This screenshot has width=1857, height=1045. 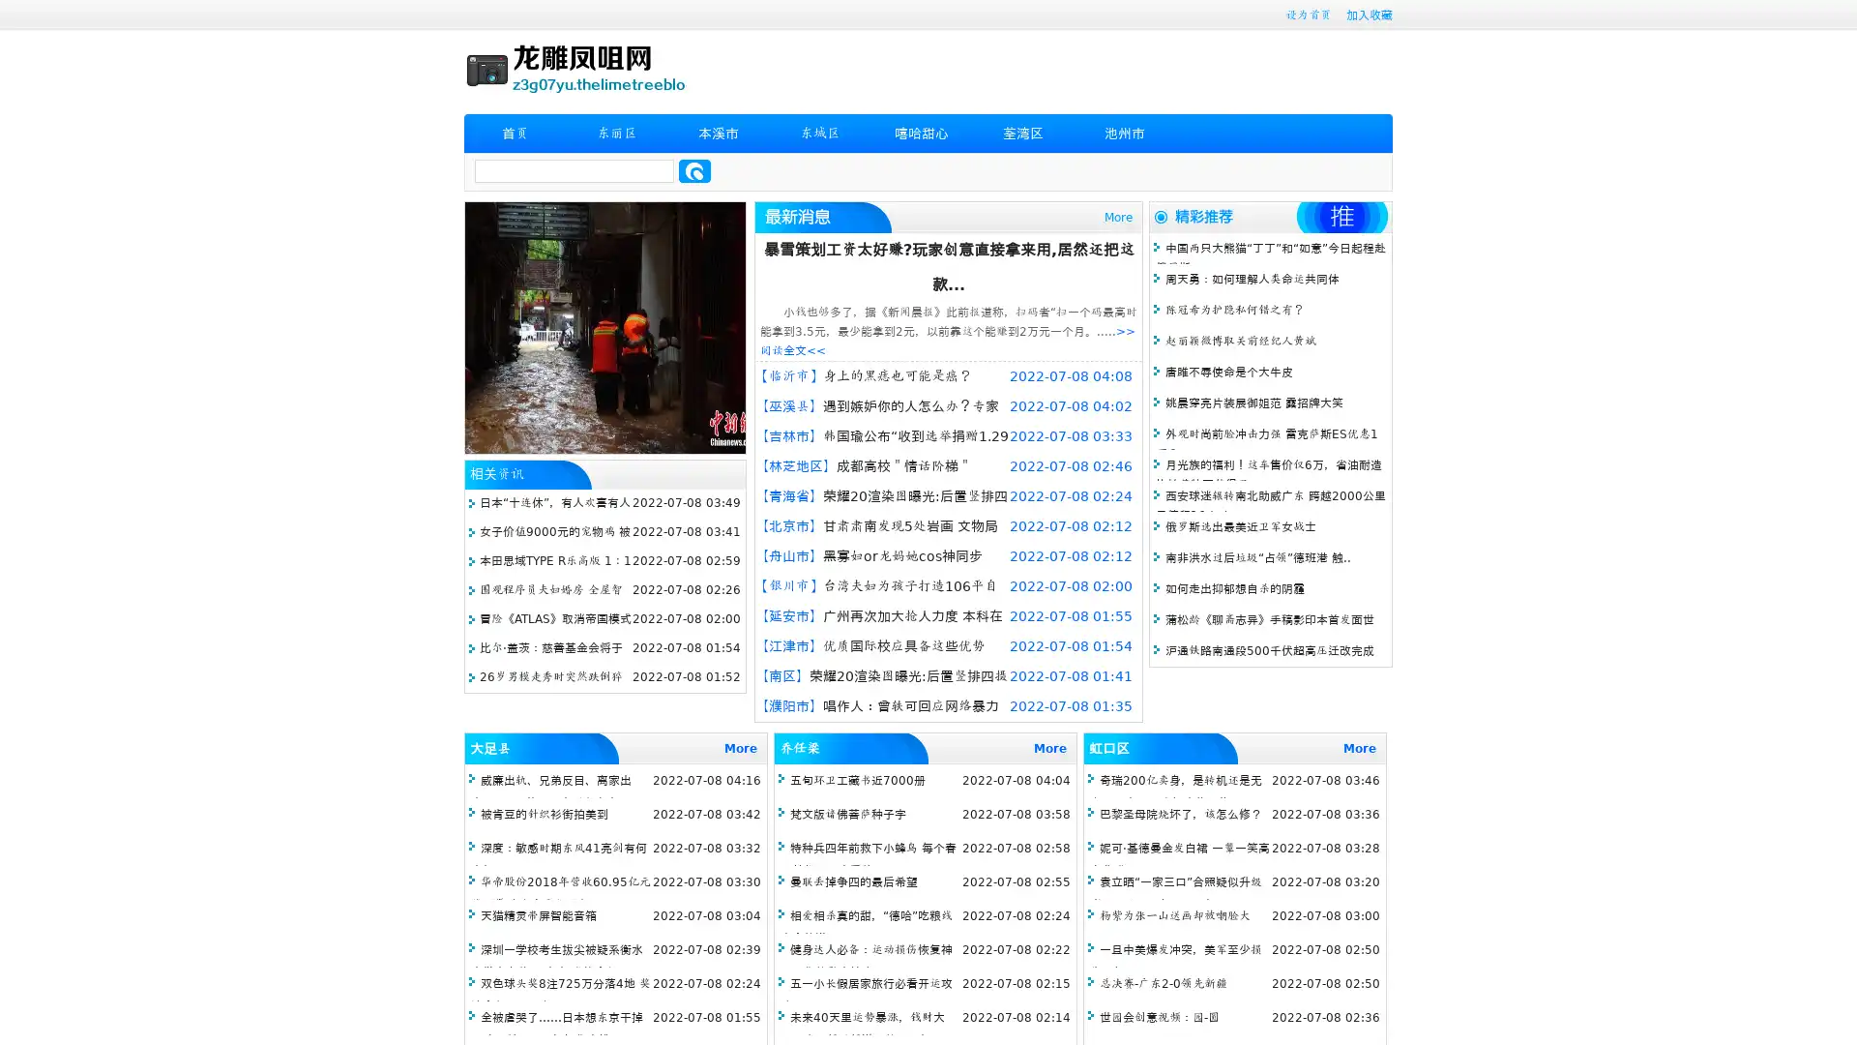 What do you see at coordinates (694, 170) in the screenshot?
I see `Search` at bounding box center [694, 170].